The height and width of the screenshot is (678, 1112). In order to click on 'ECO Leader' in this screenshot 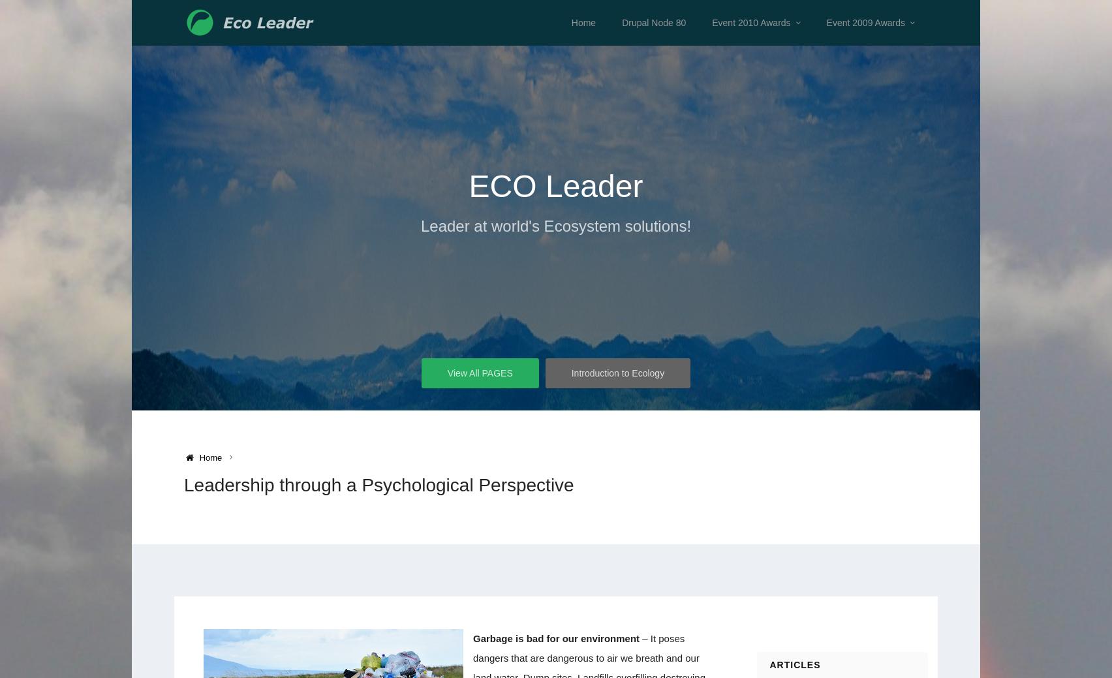, I will do `click(555, 186)`.